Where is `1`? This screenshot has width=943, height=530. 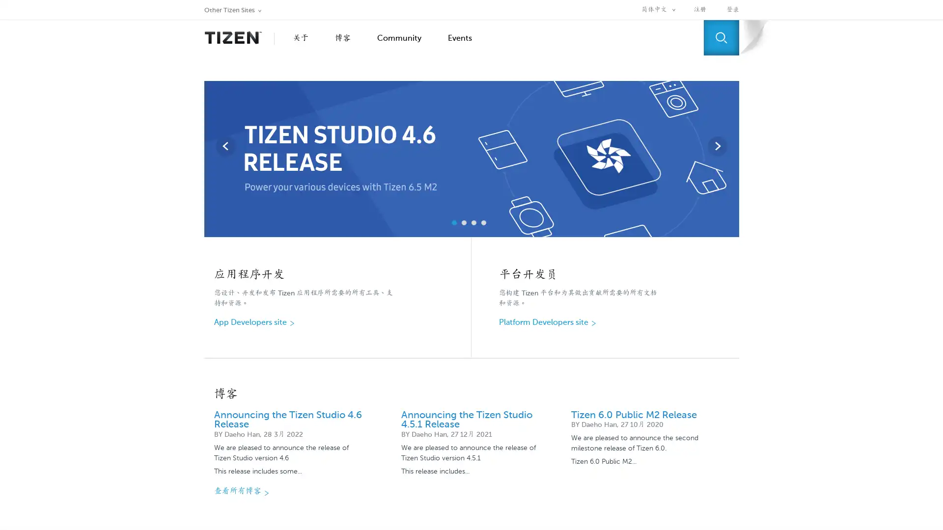 1 is located at coordinates (454, 223).